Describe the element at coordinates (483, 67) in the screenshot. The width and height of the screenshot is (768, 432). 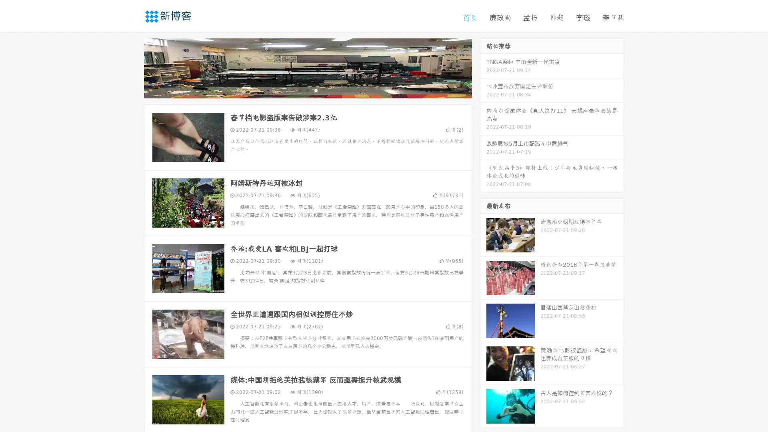
I see `Next slide` at that location.